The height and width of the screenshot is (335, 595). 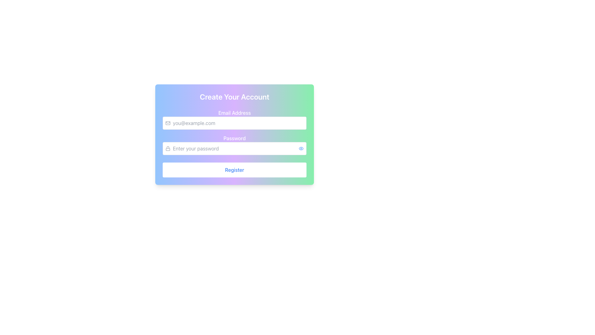 What do you see at coordinates (234, 138) in the screenshot?
I see `the 'Password' text label which is styled in white font and positioned above the password input field in the login form` at bounding box center [234, 138].